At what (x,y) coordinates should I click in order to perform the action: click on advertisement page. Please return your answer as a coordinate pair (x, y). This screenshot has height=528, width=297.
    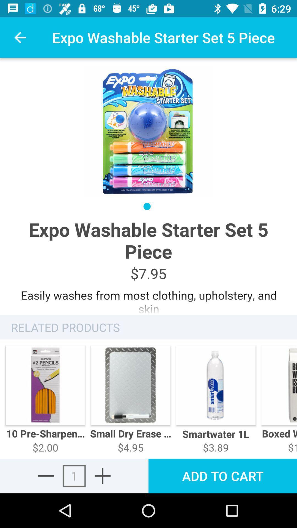
    Looking at the image, I should click on (148, 299).